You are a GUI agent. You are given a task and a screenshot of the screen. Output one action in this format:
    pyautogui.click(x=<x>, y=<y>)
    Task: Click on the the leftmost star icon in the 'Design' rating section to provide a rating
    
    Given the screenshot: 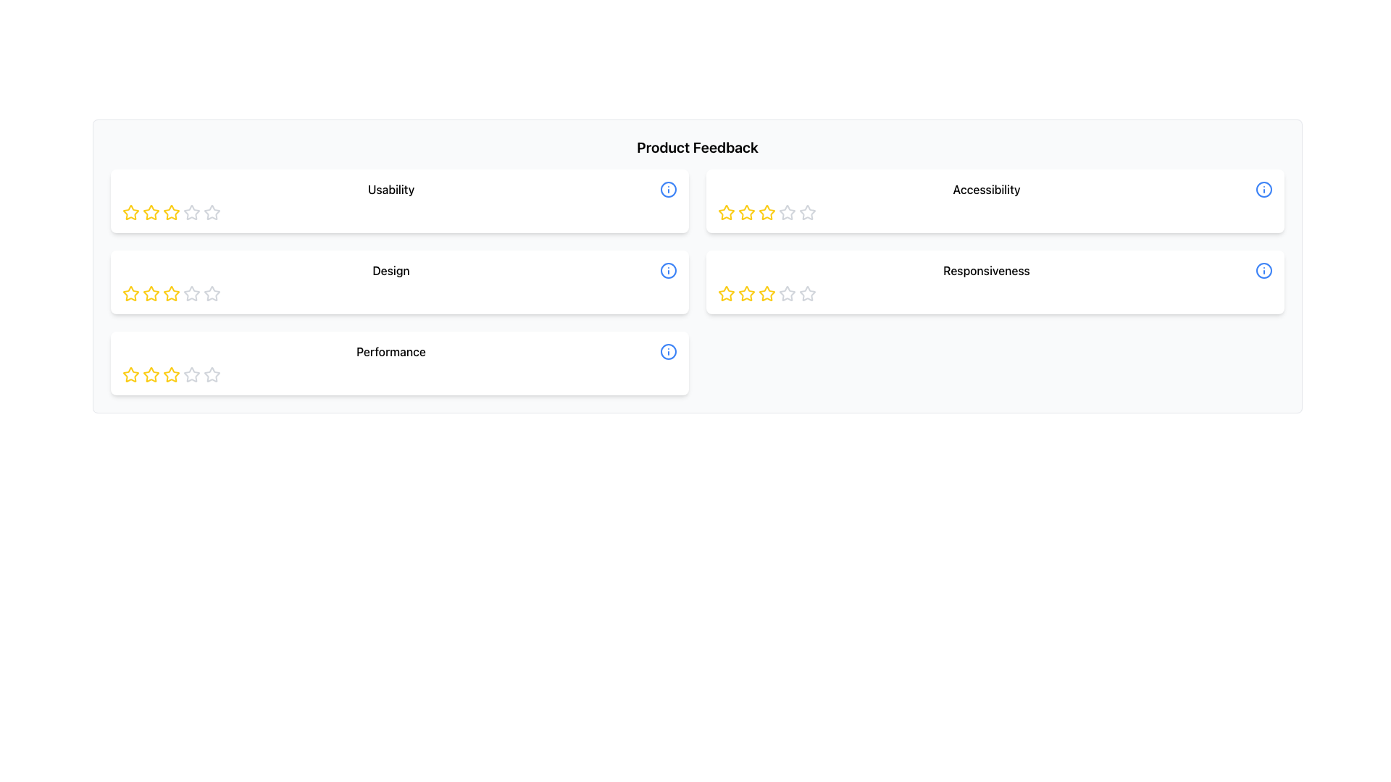 What is the action you would take?
    pyautogui.click(x=131, y=293)
    